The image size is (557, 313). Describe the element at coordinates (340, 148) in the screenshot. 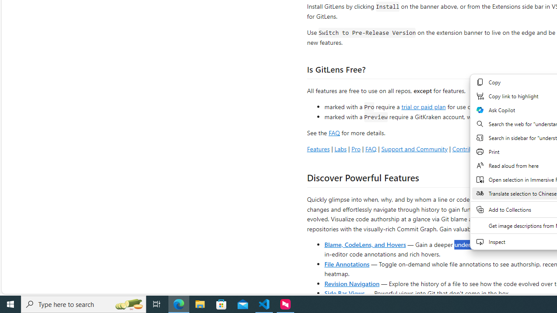

I see `'Labs'` at that location.